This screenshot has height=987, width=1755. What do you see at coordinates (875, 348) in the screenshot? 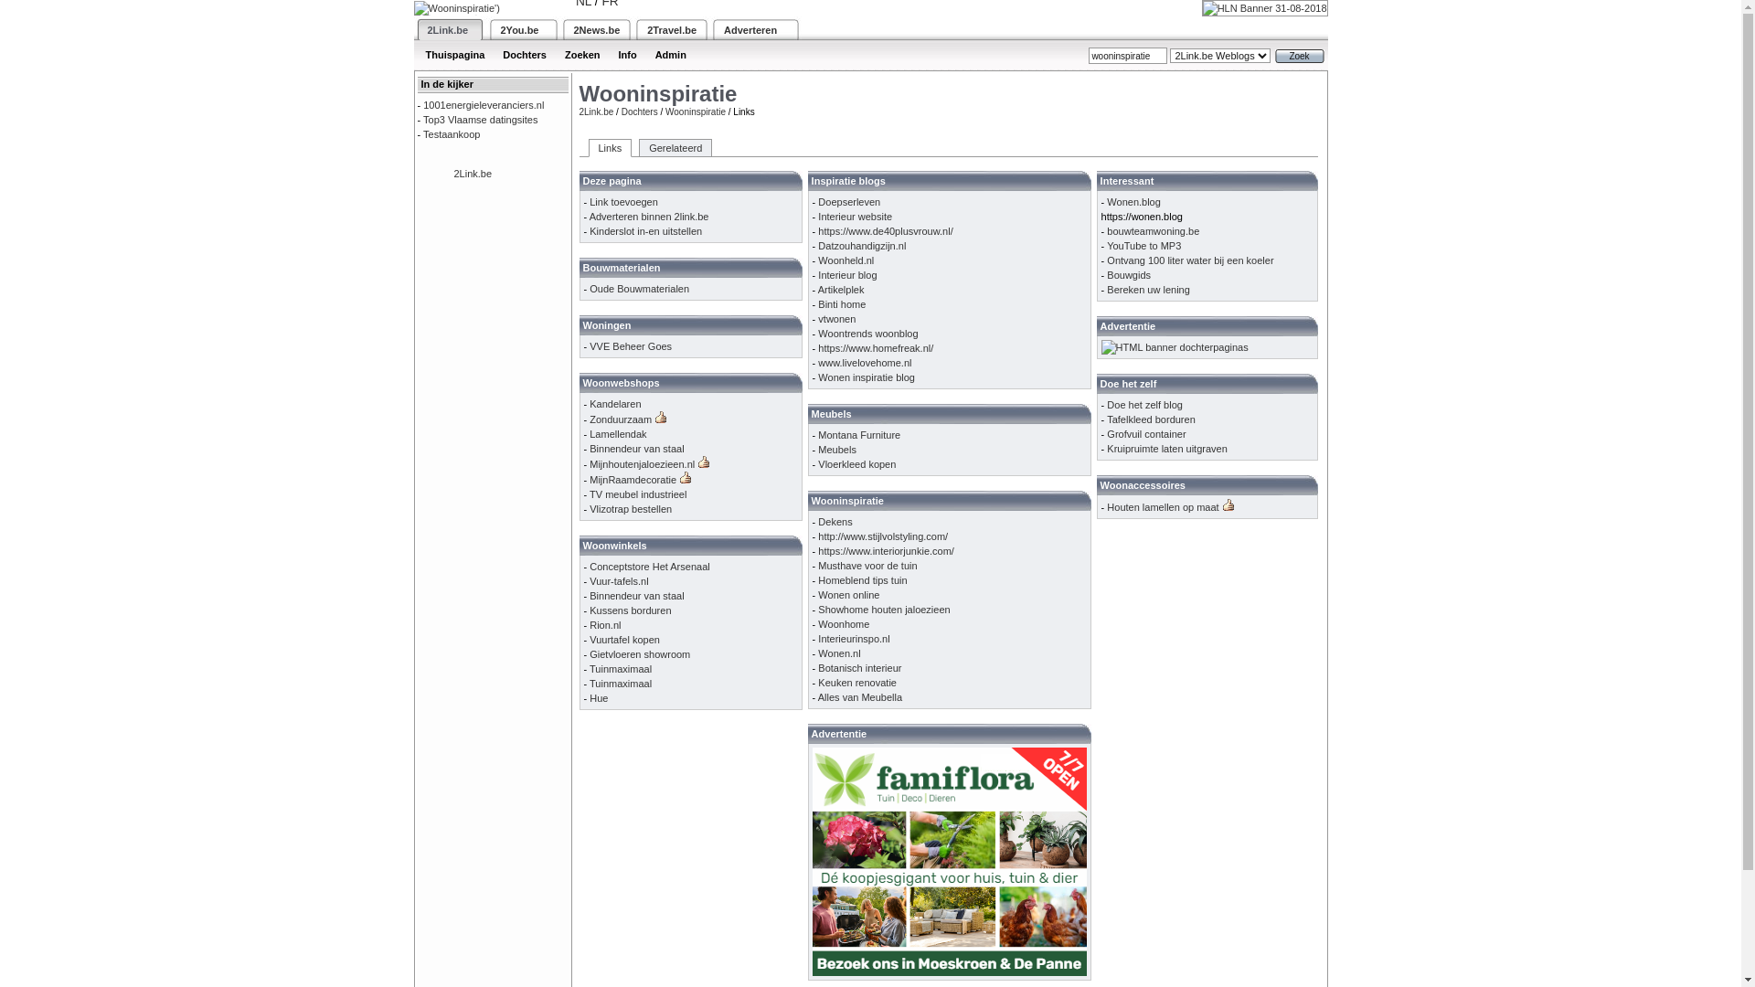
I see `'https://www.homefreak.nl/'` at bounding box center [875, 348].